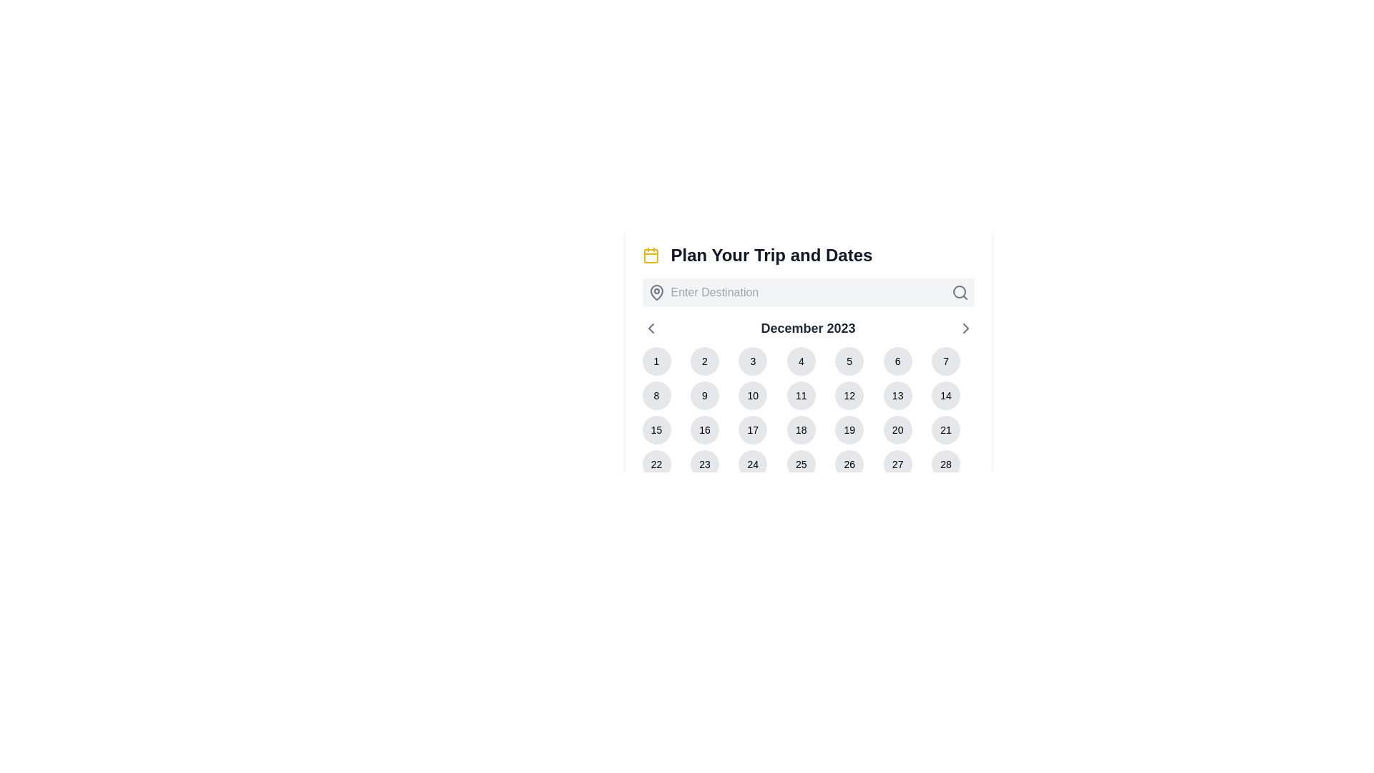 This screenshot has width=1374, height=773. Describe the element at coordinates (656, 361) in the screenshot. I see `the first selectable option button representing the first day in the calendar interface located at the top-left corner of the grid layout` at that location.